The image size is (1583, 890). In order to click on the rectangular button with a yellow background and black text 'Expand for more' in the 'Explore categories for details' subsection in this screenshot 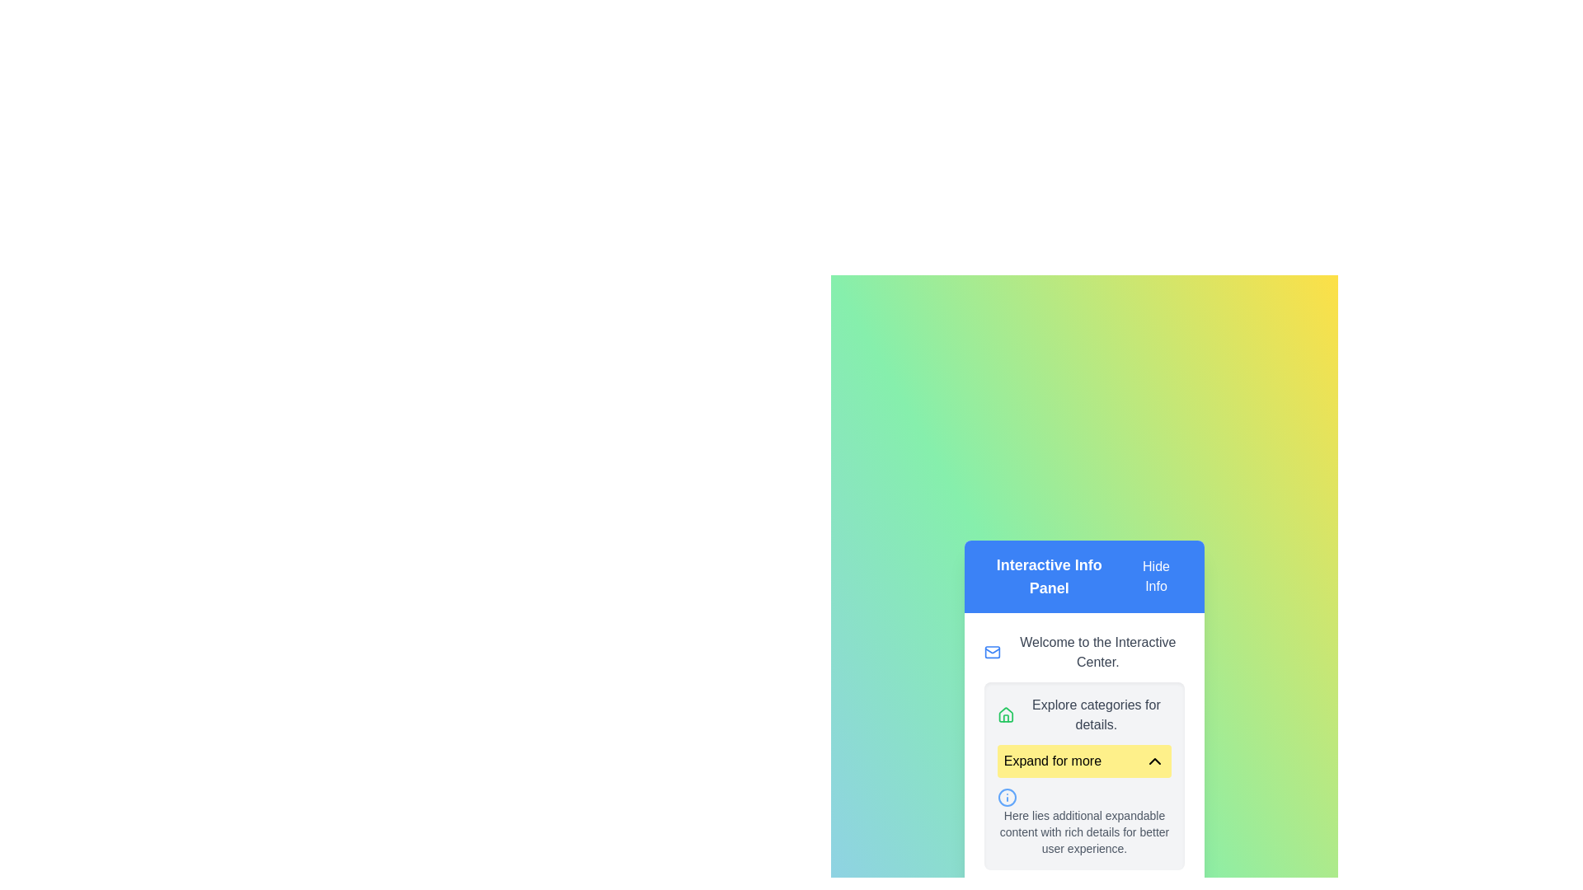, I will do `click(1084, 761)`.